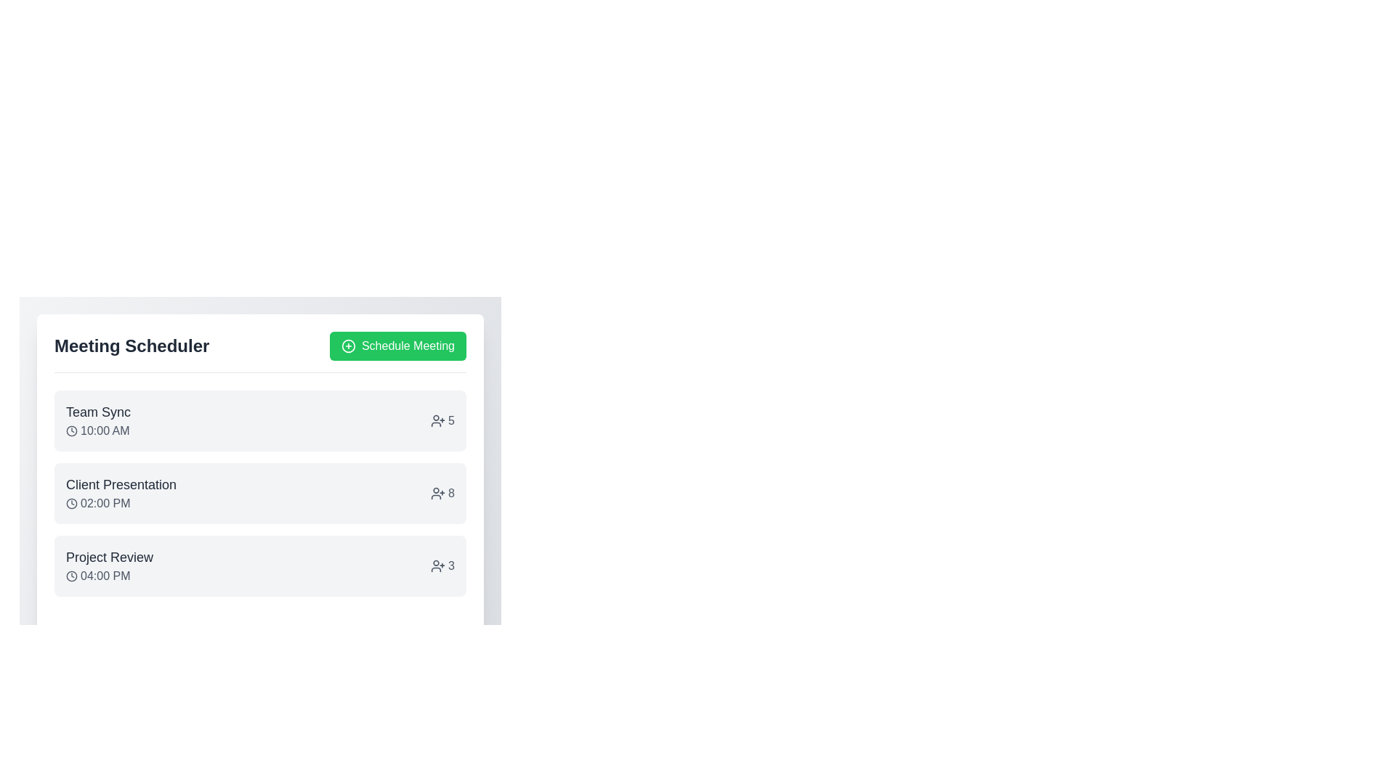  Describe the element at coordinates (349, 346) in the screenshot. I see `the SVG icon on the left side of the green 'Schedule Meeting' button` at that location.